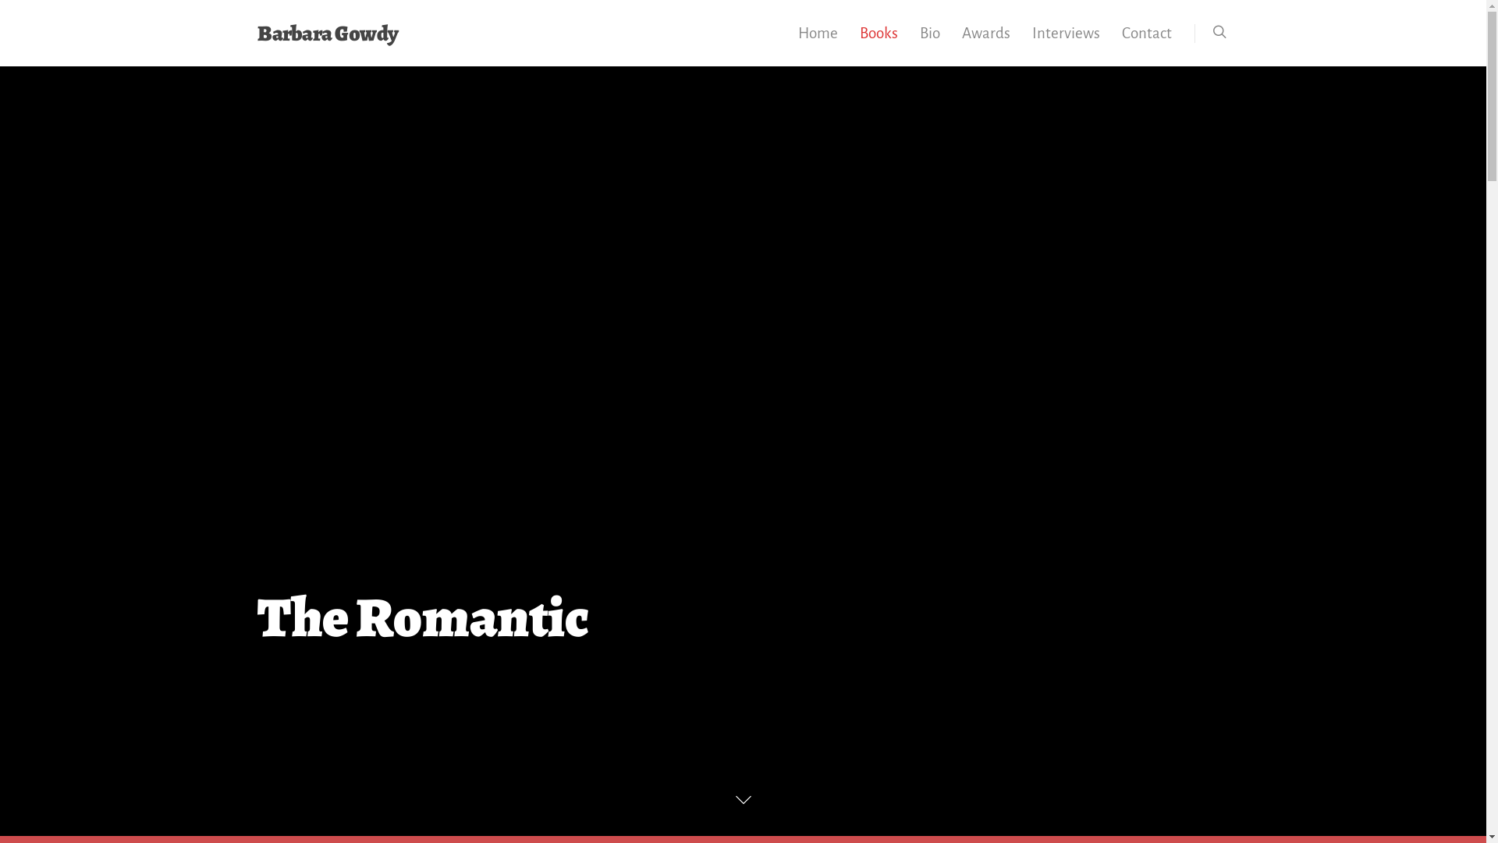  Describe the element at coordinates (1111, 43) in the screenshot. I see `'Contact'` at that location.